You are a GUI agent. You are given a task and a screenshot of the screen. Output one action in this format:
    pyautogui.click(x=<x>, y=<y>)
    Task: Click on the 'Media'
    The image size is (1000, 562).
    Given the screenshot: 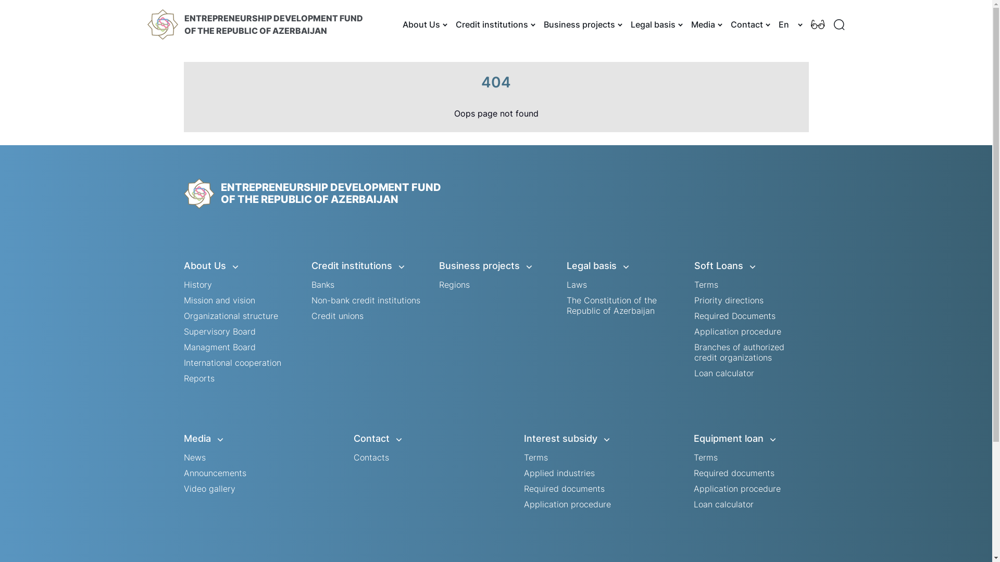 What is the action you would take?
    pyautogui.click(x=705, y=23)
    